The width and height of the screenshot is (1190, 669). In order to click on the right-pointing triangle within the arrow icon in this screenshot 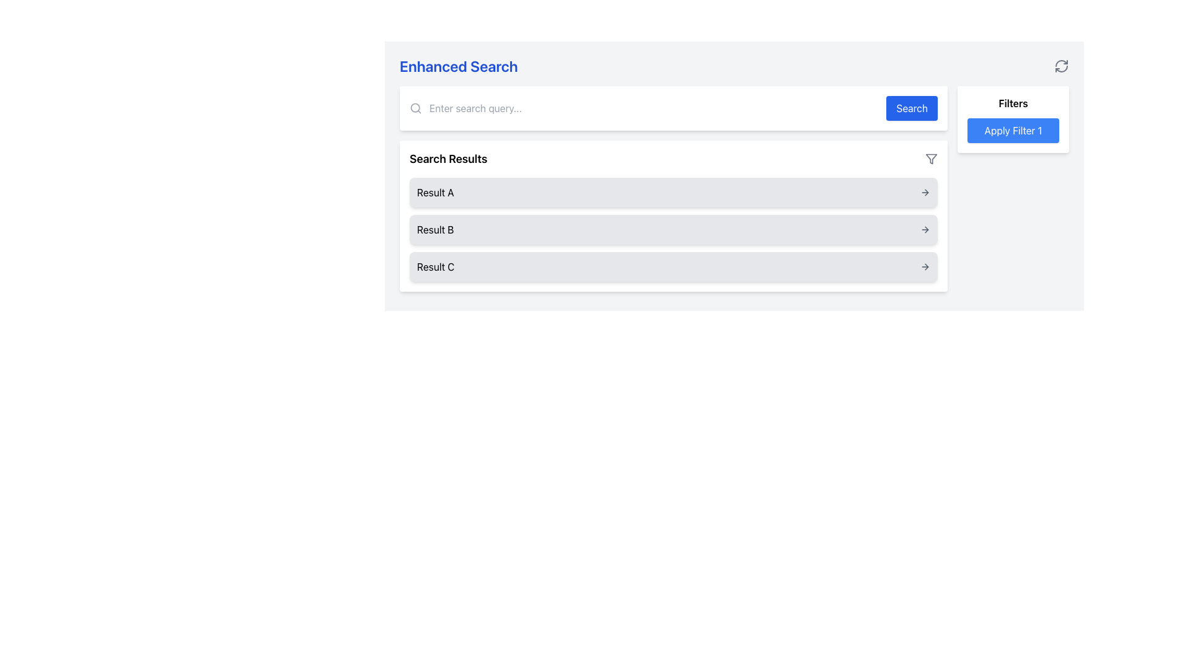, I will do `click(926, 193)`.